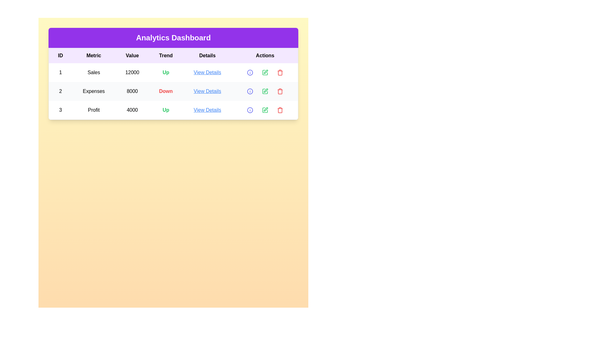 The image size is (601, 338). I want to click on the table header cell labeled 'Value', which is the third column header in the Analytics Dashboard, positioned between 'Metric' and 'Trend', so click(132, 55).